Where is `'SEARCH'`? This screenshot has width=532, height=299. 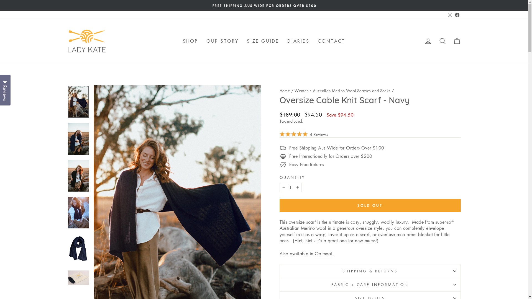
'SEARCH' is located at coordinates (434, 41).